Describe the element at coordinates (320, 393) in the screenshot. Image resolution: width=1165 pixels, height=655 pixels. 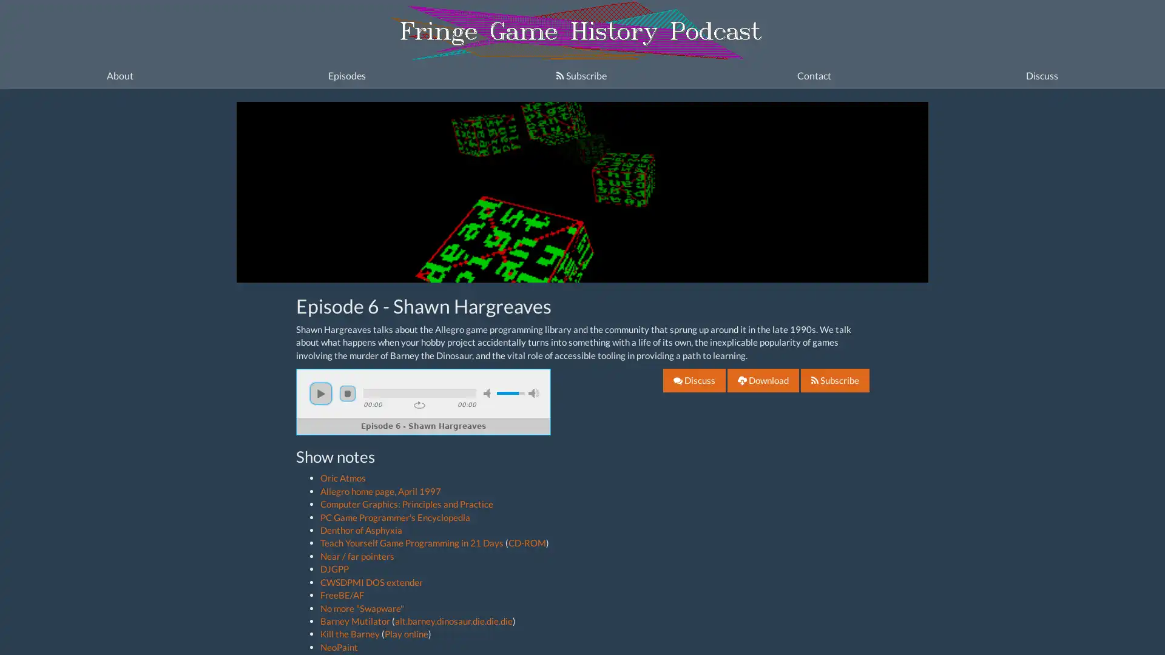
I see `play` at that location.